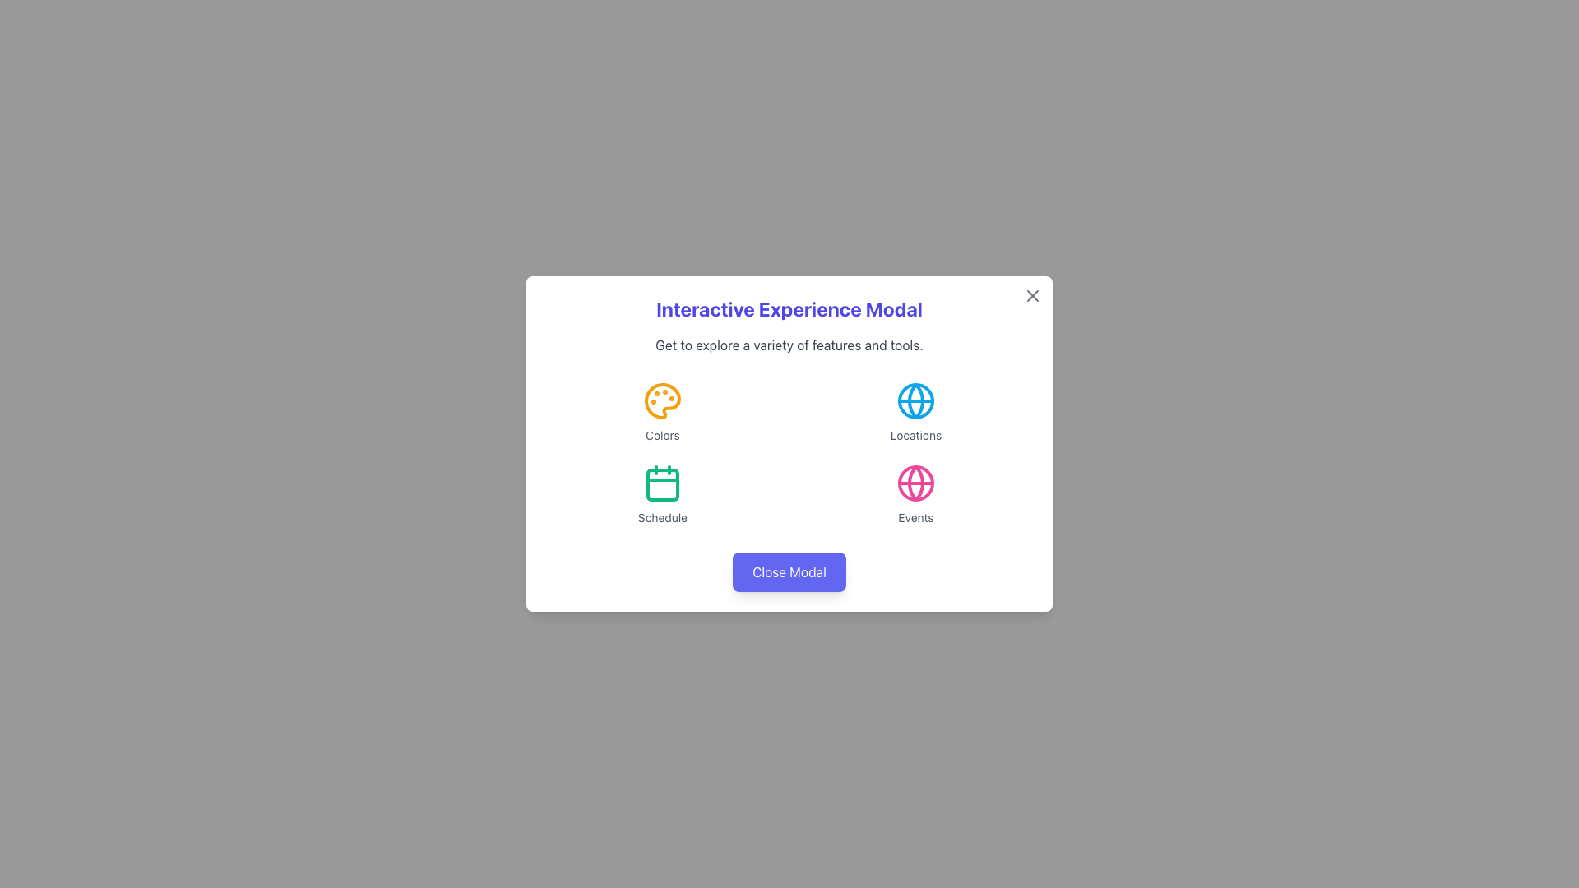 The width and height of the screenshot is (1579, 888). What do you see at coordinates (915, 411) in the screenshot?
I see `the Icon with text label, which is the second element in the grid layout located in the top-right section, following the 'Colors' element and above the 'Events' element` at bounding box center [915, 411].